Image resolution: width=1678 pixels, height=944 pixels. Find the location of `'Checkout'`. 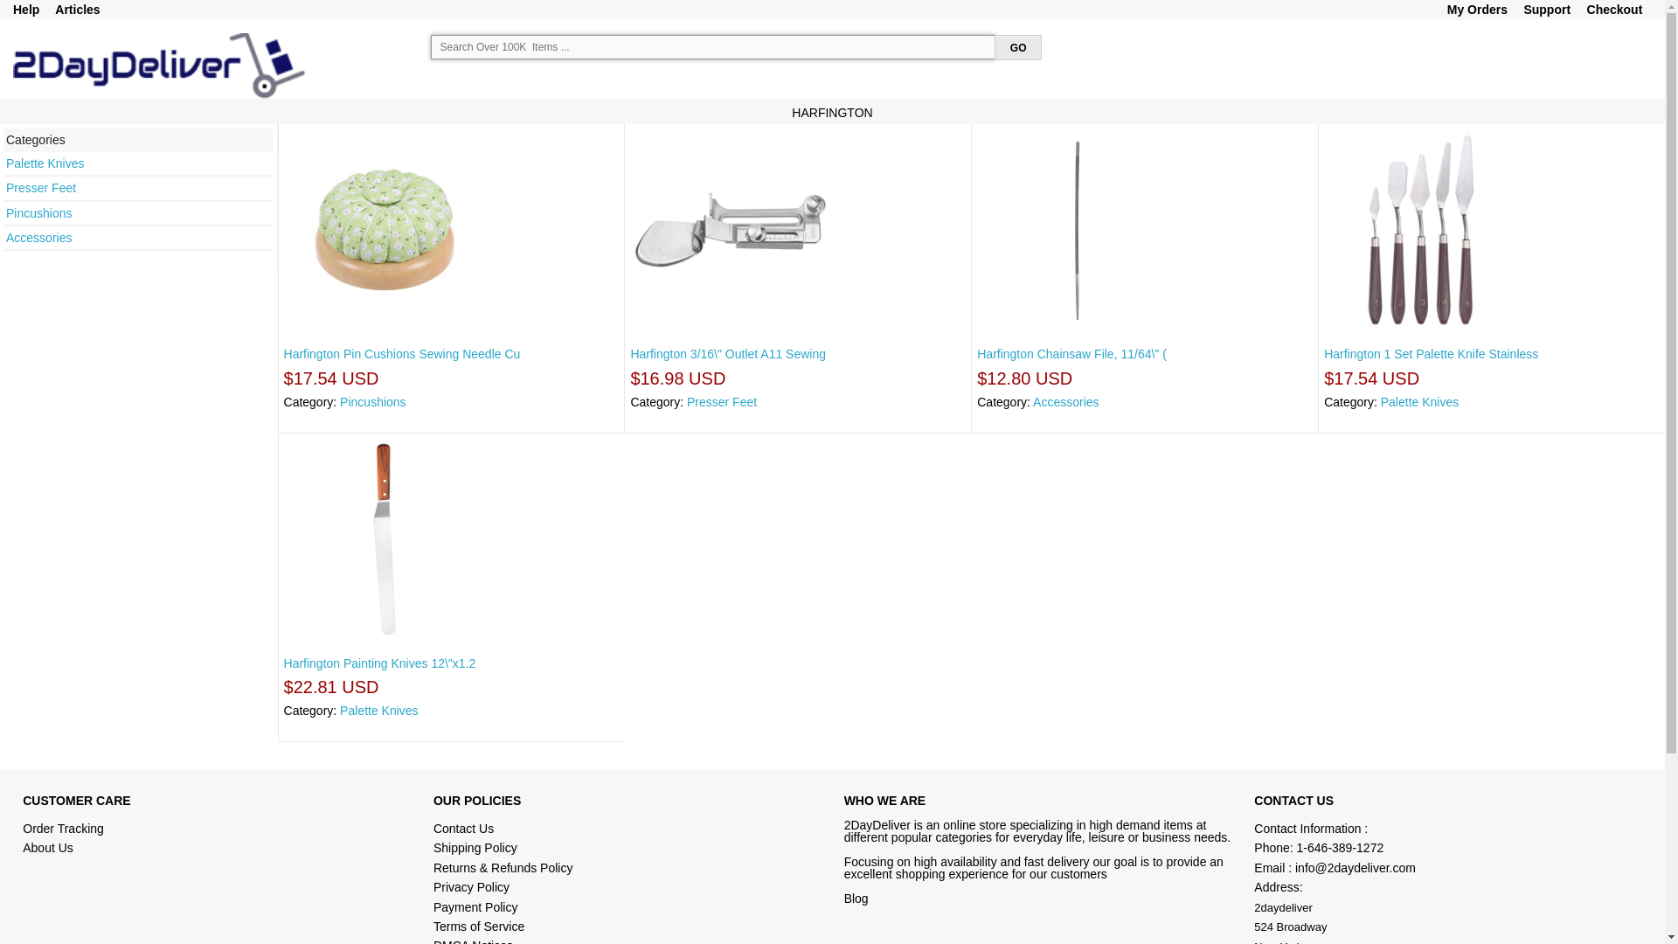

'Checkout' is located at coordinates (1614, 10).